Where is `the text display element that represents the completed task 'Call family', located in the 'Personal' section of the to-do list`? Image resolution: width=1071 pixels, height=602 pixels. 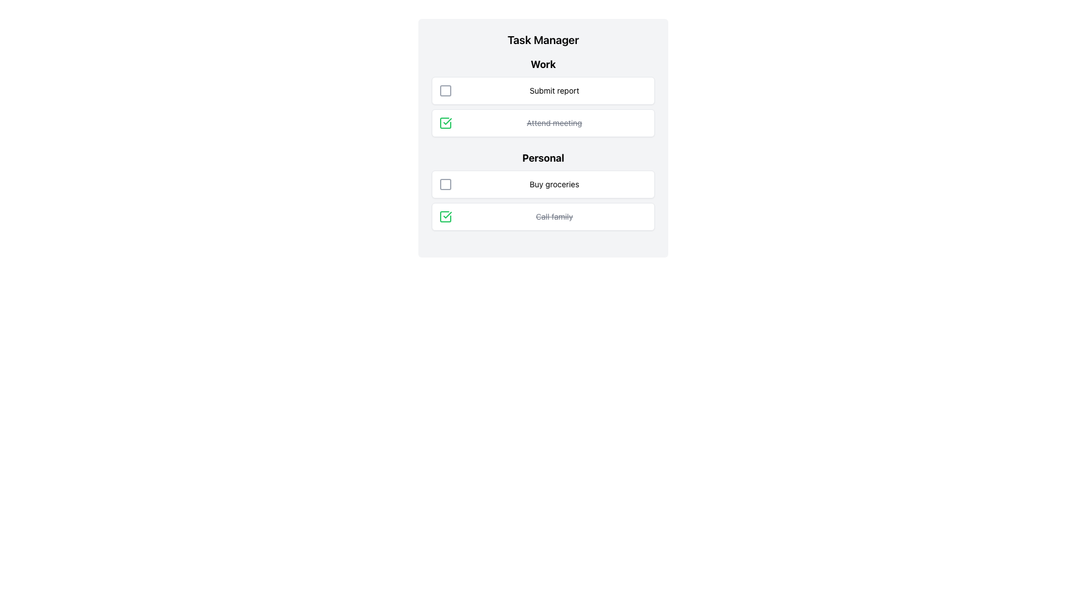 the text display element that represents the completed task 'Call family', located in the 'Personal' section of the to-do list is located at coordinates (554, 217).